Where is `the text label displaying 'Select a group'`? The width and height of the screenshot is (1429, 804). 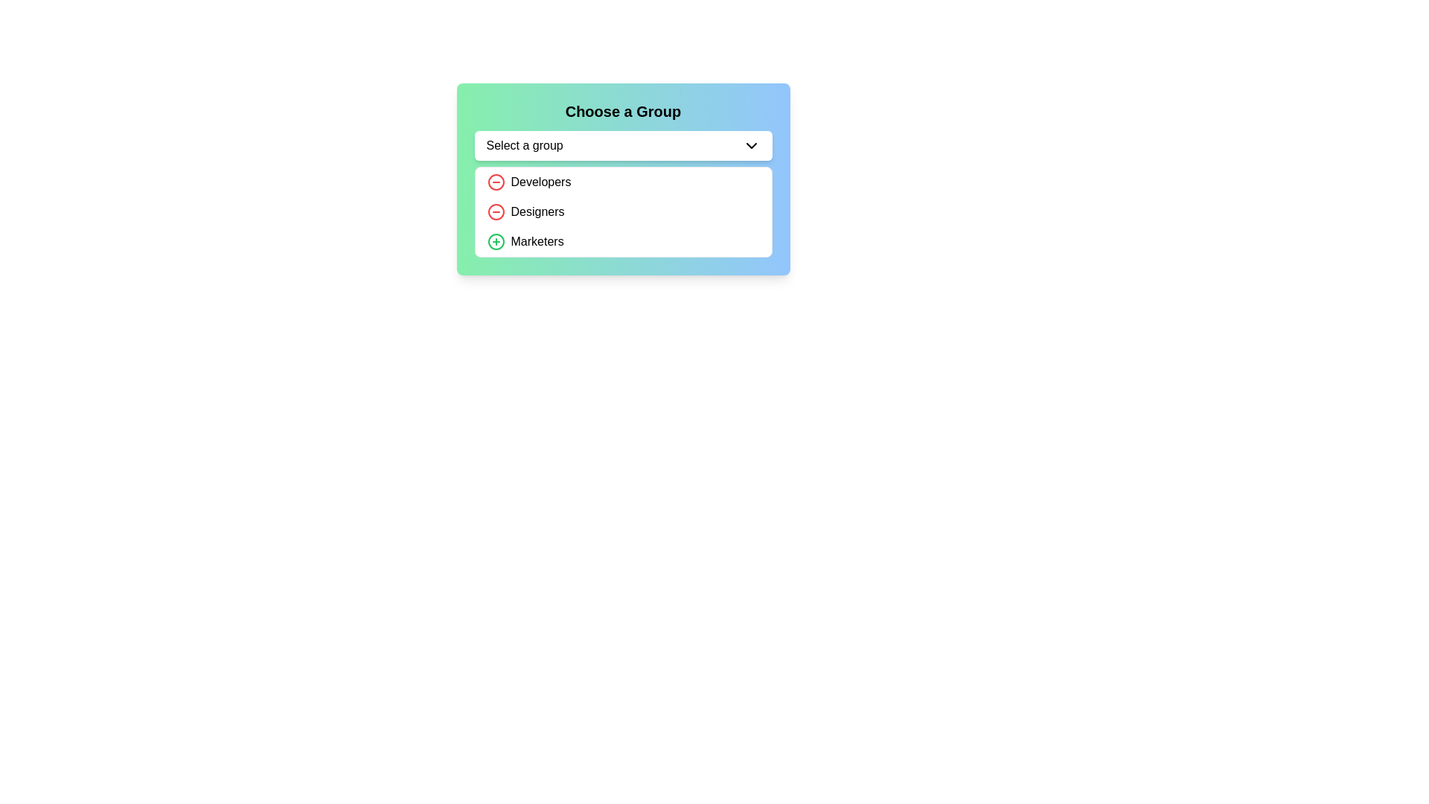
the text label displaying 'Select a group' is located at coordinates (525, 146).